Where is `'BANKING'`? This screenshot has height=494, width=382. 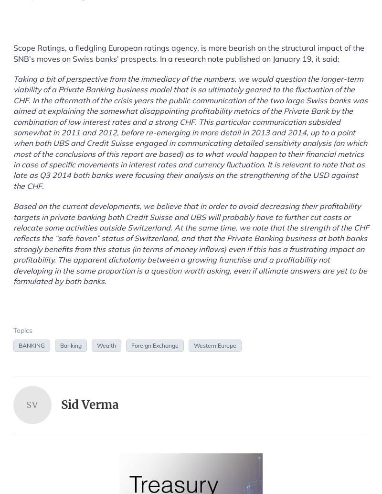 'BANKING' is located at coordinates (31, 345).